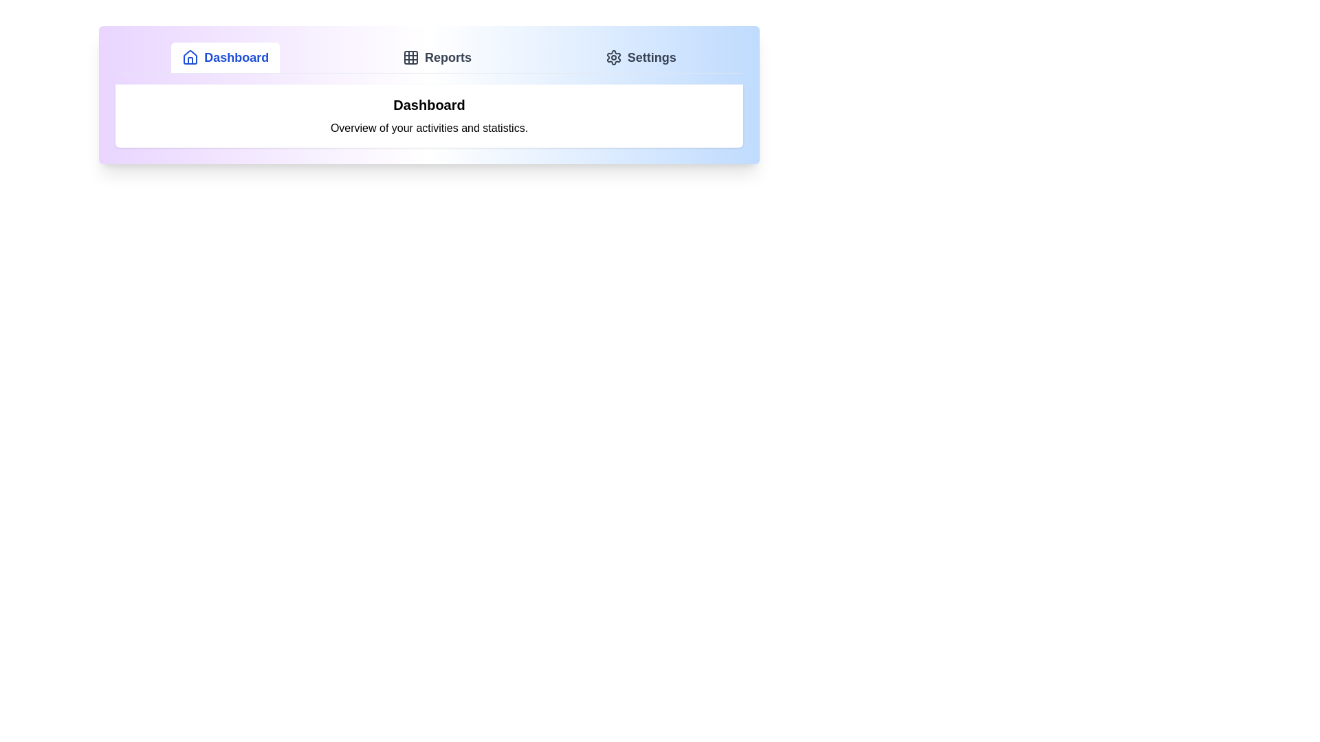 Image resolution: width=1320 pixels, height=742 pixels. Describe the element at coordinates (640, 57) in the screenshot. I see `the Settings tab by clicking on its button` at that location.